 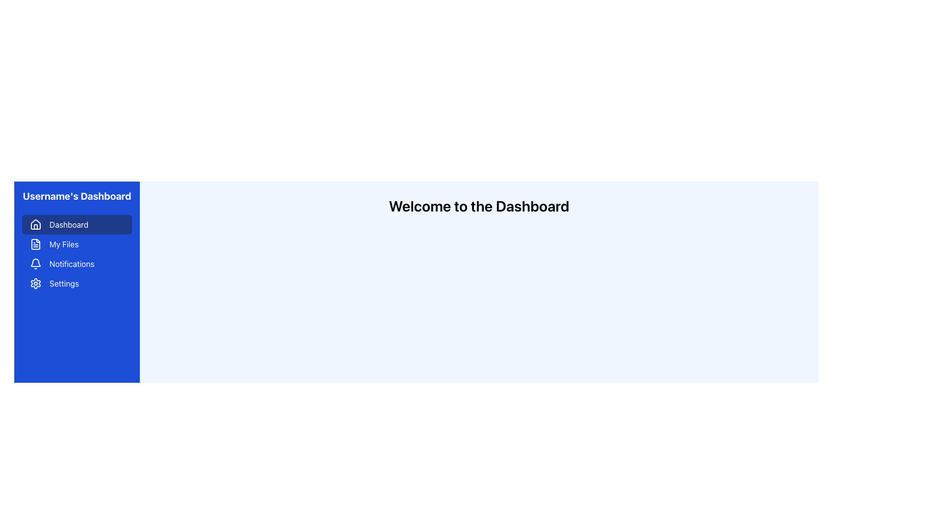 I want to click on text of the 'My Files' label located in the blue side panel navigation menu, which is the second label under 'Dashboard', so click(x=63, y=243).